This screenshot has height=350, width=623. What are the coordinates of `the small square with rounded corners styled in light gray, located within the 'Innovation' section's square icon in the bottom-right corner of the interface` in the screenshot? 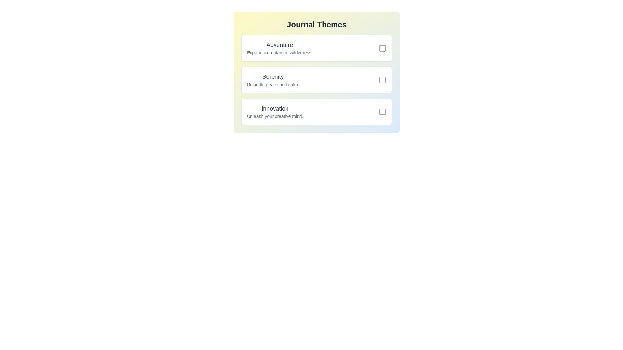 It's located at (383, 111).